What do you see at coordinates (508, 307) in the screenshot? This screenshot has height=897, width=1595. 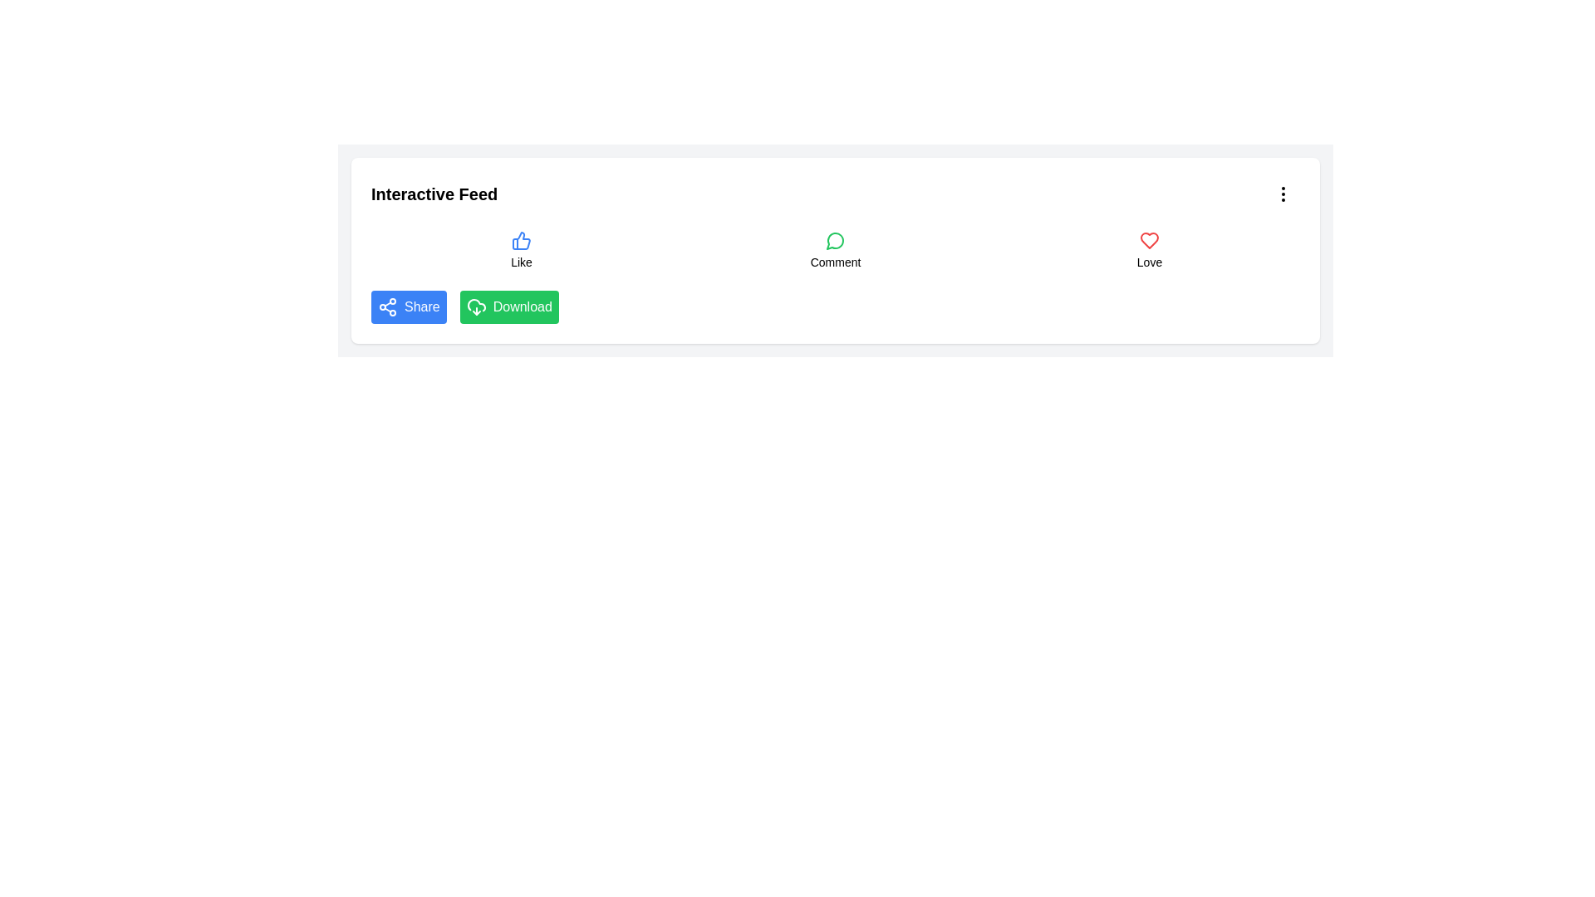 I see `the download button located to the right of the 'Share' button in the horizontal button group under 'Interactive Feed' to initiate the download` at bounding box center [508, 307].